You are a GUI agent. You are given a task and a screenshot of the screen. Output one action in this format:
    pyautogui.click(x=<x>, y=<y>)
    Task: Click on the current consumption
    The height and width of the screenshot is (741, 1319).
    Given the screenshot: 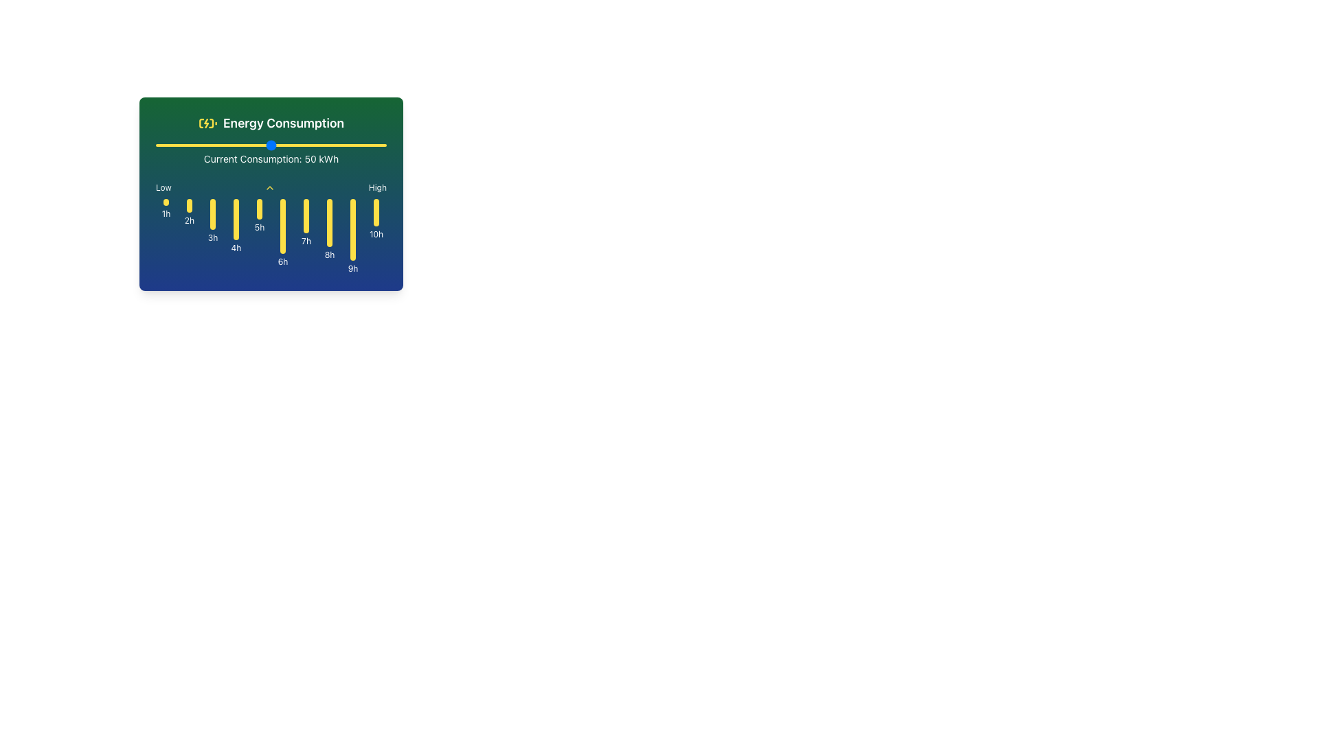 What is the action you would take?
    pyautogui.click(x=173, y=145)
    